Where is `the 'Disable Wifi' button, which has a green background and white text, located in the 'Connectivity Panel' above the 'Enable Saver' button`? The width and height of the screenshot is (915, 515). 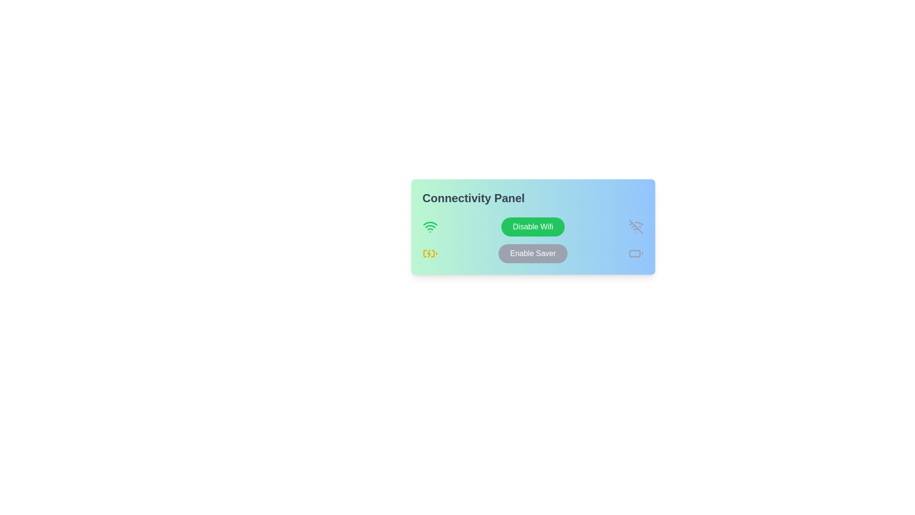
the 'Disable Wifi' button, which has a green background and white text, located in the 'Connectivity Panel' above the 'Enable Saver' button is located at coordinates (532, 227).